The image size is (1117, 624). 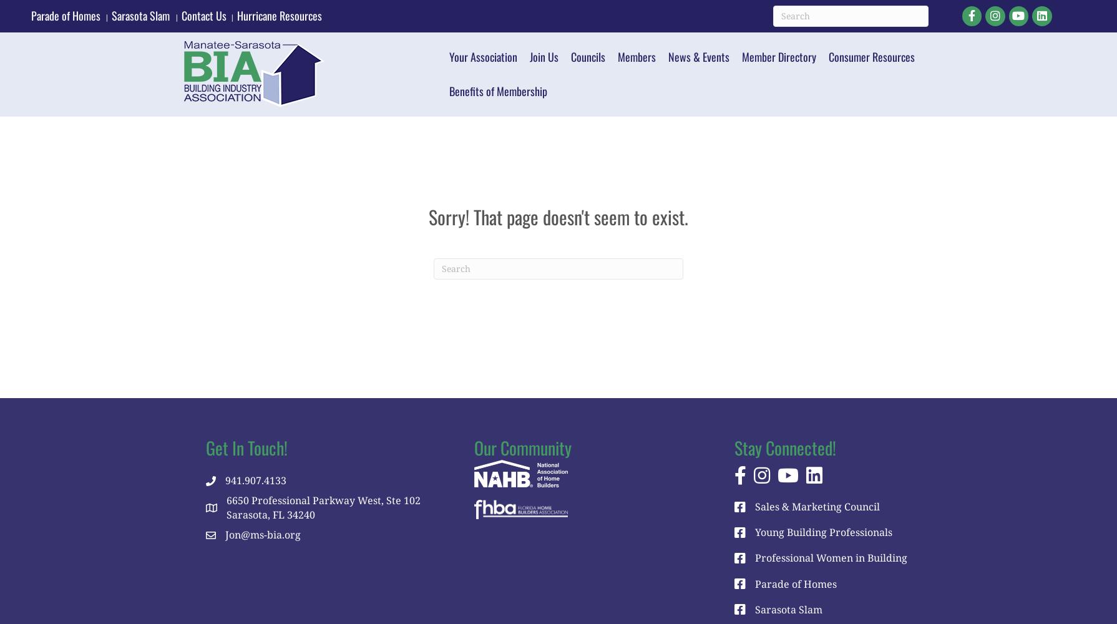 I want to click on 'Join Us', so click(x=529, y=56).